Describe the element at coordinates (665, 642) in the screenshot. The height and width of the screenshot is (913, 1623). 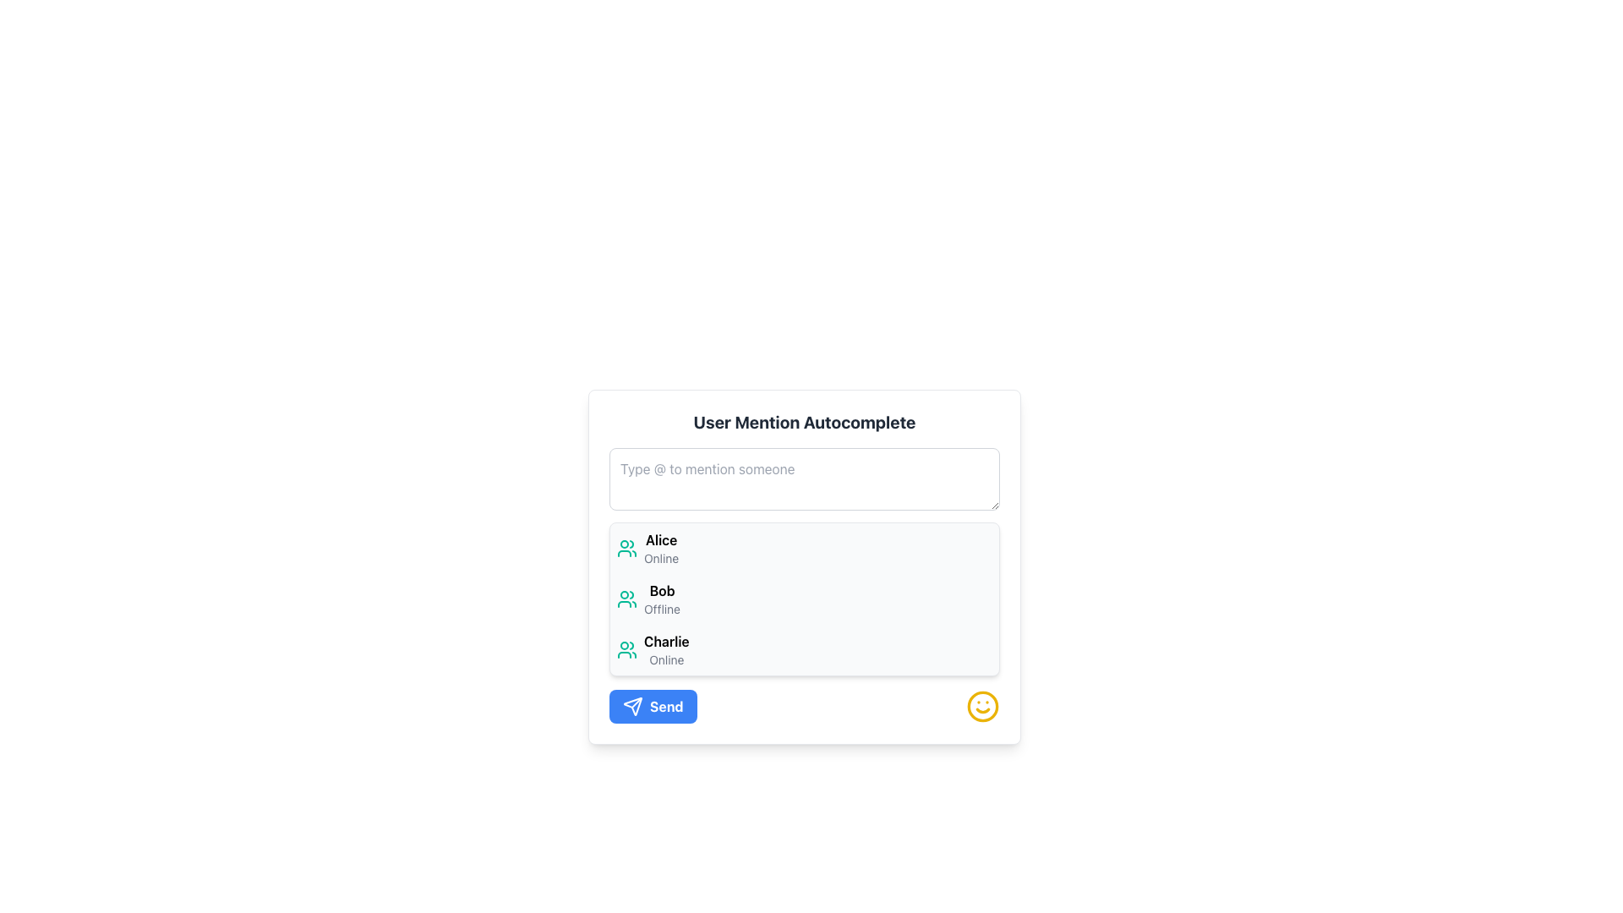
I see `the text label 'Charlie' in the user mention suggestion list` at that location.